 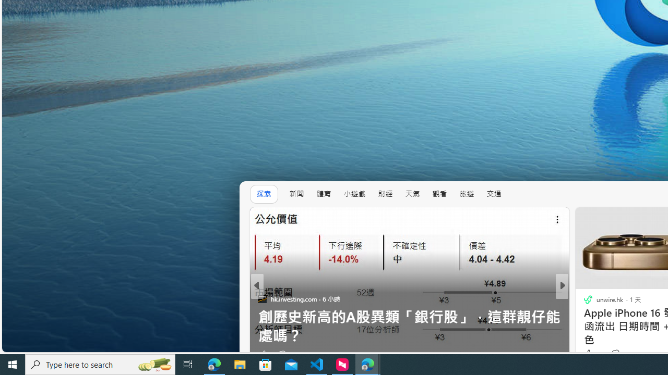 What do you see at coordinates (262, 298) in the screenshot?
I see `'hk.investing.com'` at bounding box center [262, 298].